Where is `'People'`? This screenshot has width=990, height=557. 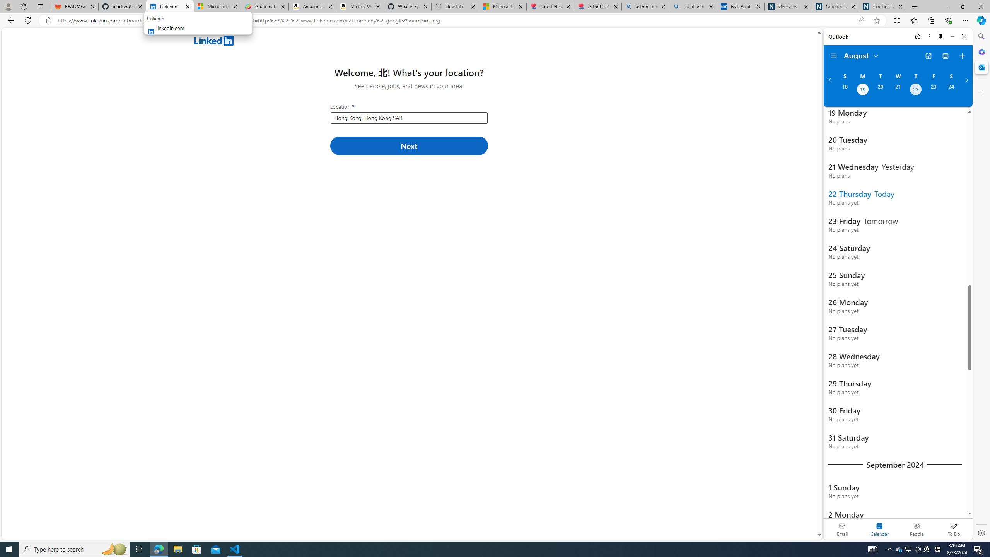
'People' is located at coordinates (916, 529).